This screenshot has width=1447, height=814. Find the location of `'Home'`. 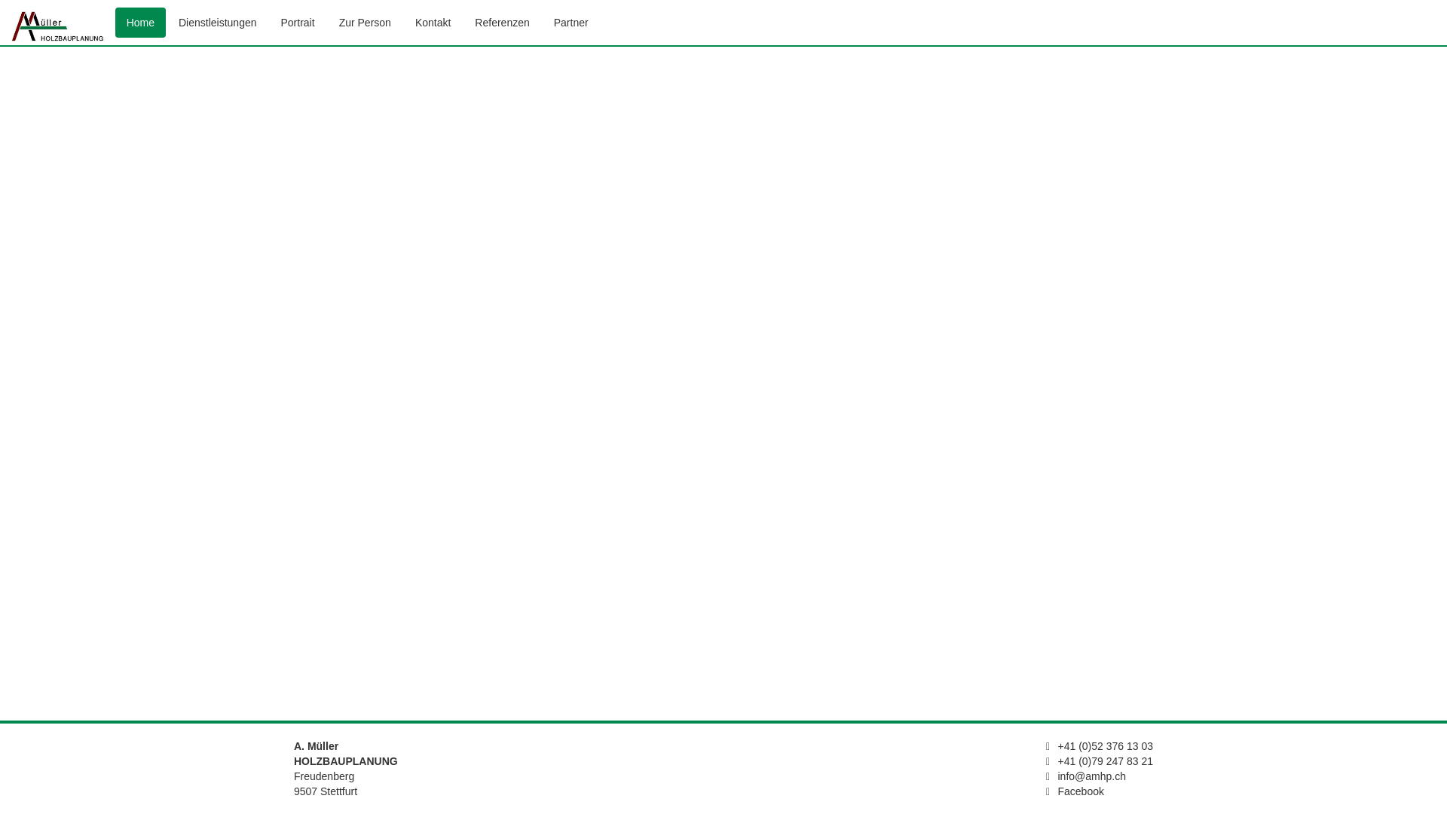

'Home' is located at coordinates (115, 23).